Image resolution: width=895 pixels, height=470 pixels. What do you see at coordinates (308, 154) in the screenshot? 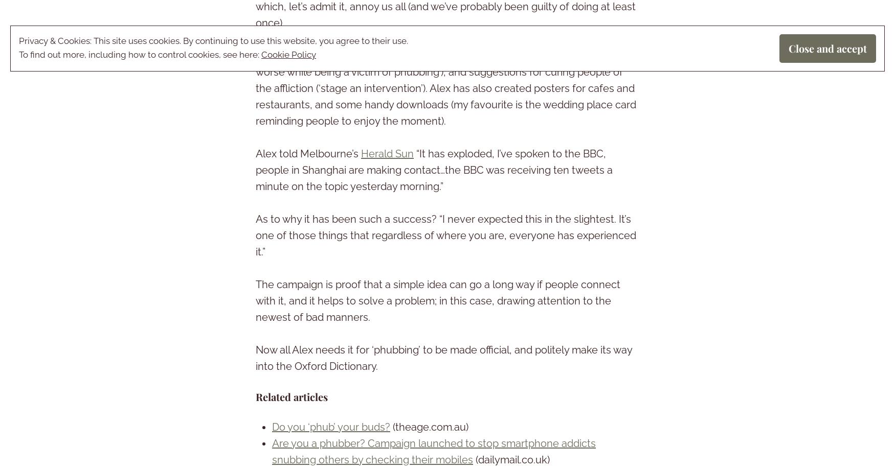
I see `'Alex told Melbourne’s'` at bounding box center [308, 154].